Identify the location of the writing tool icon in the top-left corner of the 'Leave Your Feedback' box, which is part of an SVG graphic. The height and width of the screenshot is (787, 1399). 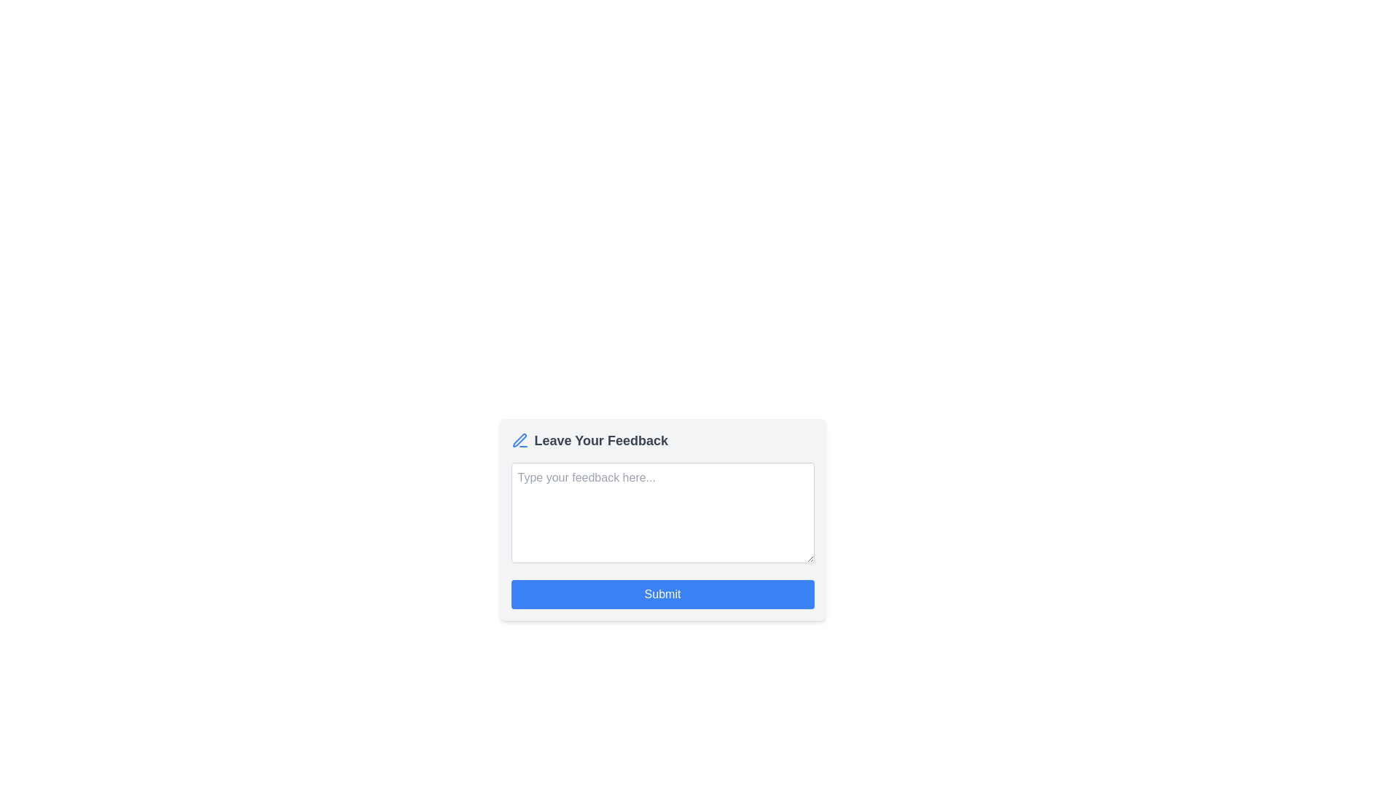
(520, 439).